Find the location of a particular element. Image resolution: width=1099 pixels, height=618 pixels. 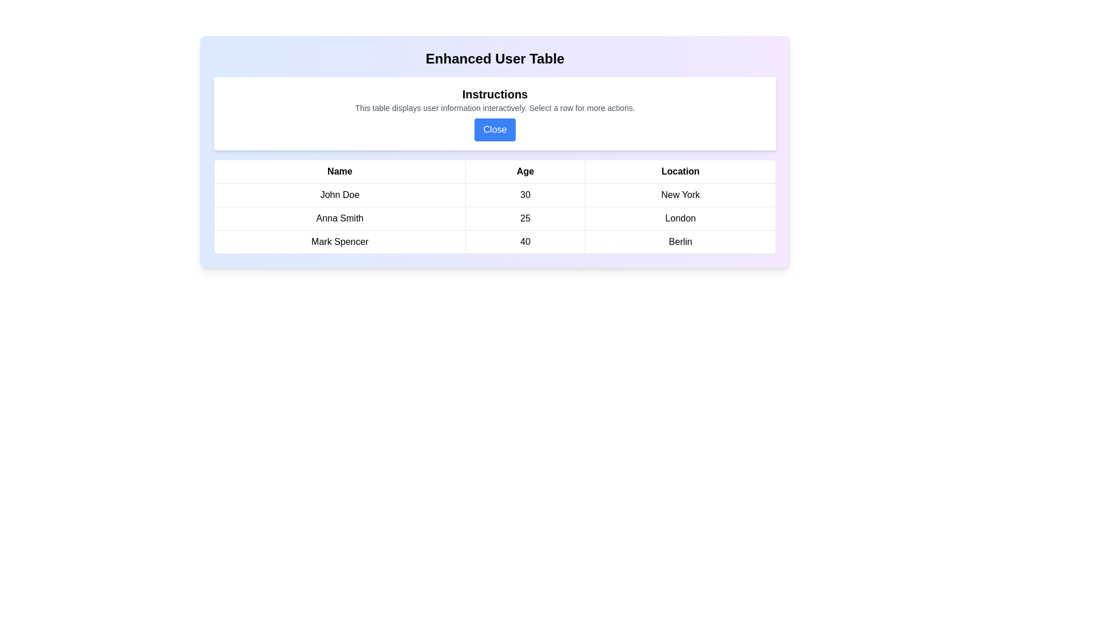

the numerical text '30' that is styled with padding and a border, located between 'John Doe' and 'New York' in the first row of the table is located at coordinates (524, 194).